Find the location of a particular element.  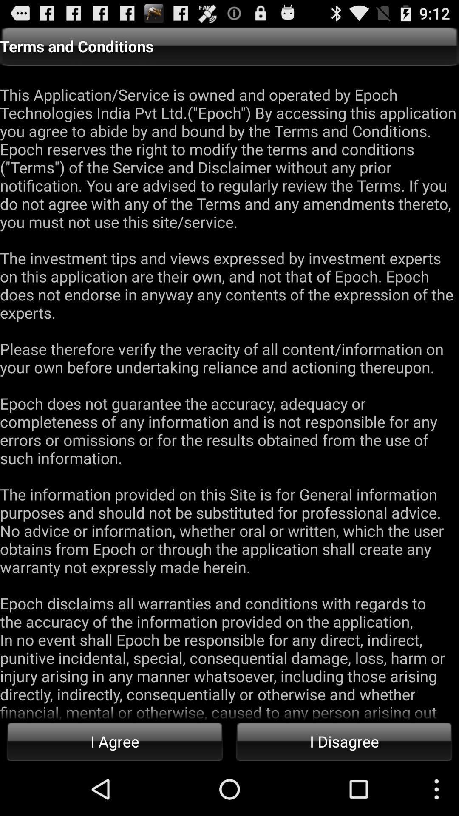

the item next to  i agree is located at coordinates (344, 741).